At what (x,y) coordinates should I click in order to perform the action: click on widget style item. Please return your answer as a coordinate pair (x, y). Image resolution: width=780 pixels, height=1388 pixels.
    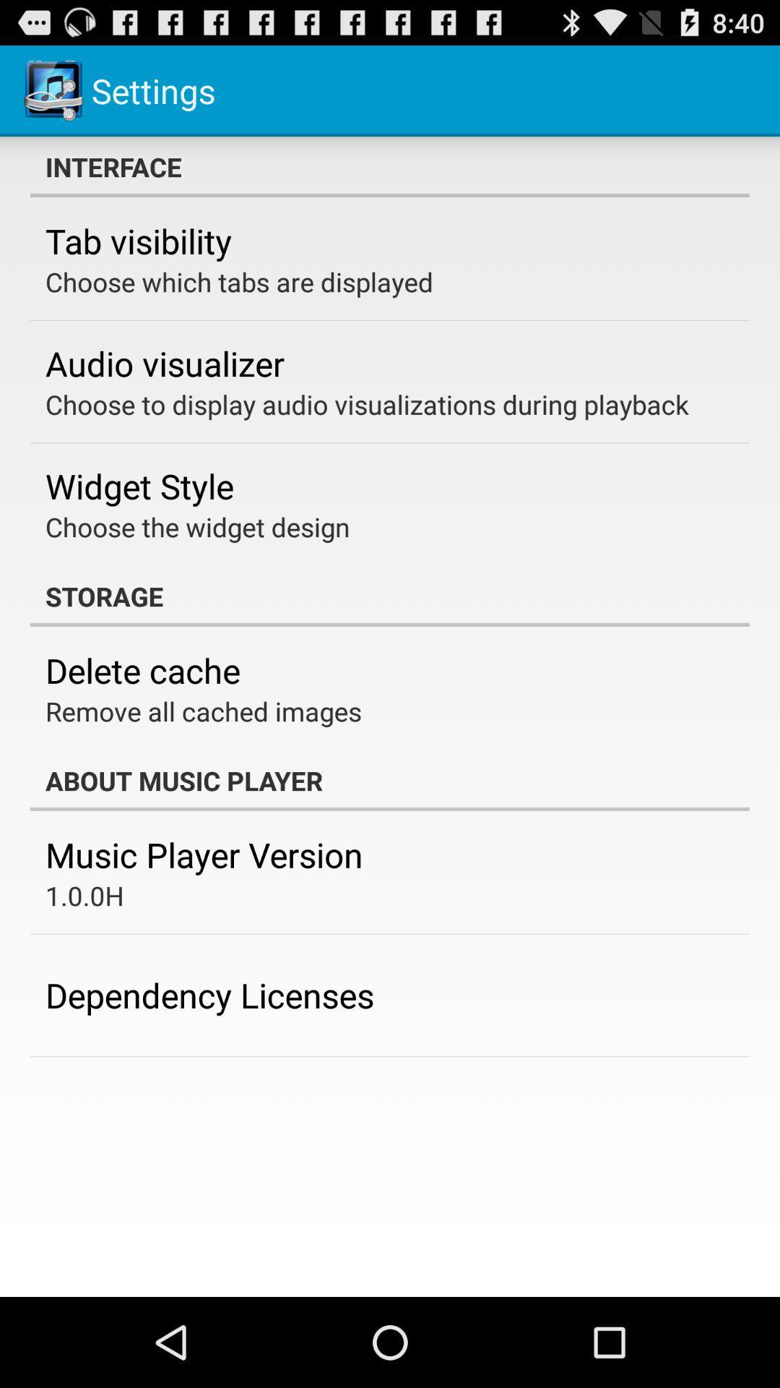
    Looking at the image, I should click on (139, 486).